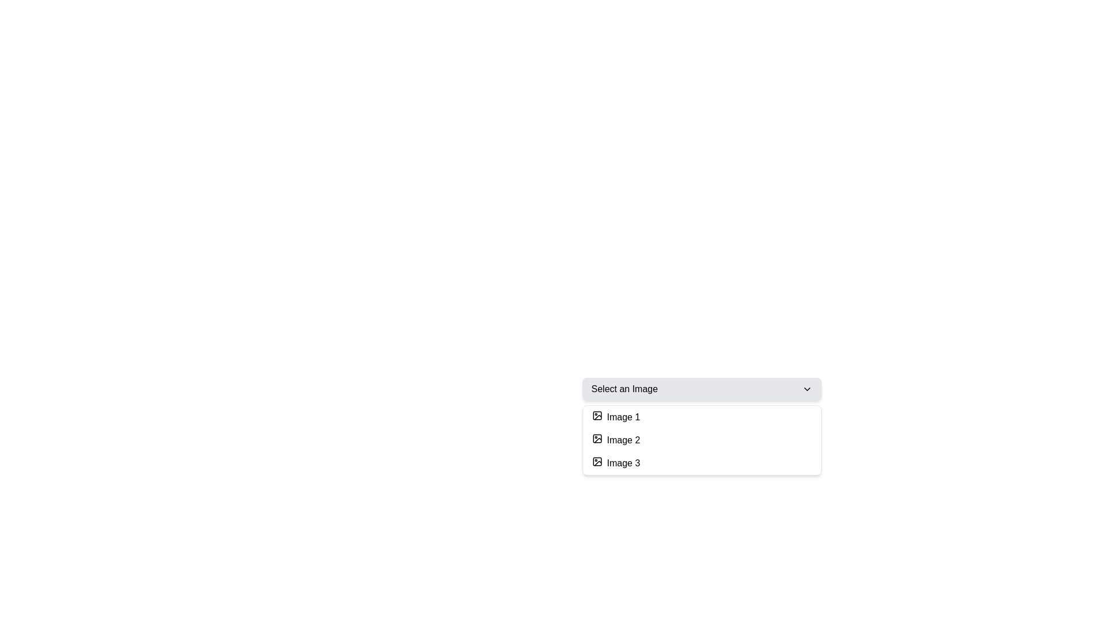 The width and height of the screenshot is (1104, 621). Describe the element at coordinates (597, 439) in the screenshot. I see `the image placeholder icon located to the left of the 'Image 2' text entry in the dropdown menu` at that location.